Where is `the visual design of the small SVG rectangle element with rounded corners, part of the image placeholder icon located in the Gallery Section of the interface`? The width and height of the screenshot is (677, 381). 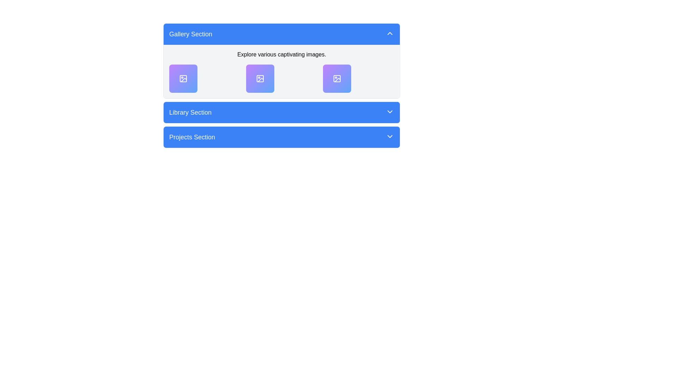 the visual design of the small SVG rectangle element with rounded corners, part of the image placeholder icon located in the Gallery Section of the interface is located at coordinates (183, 79).